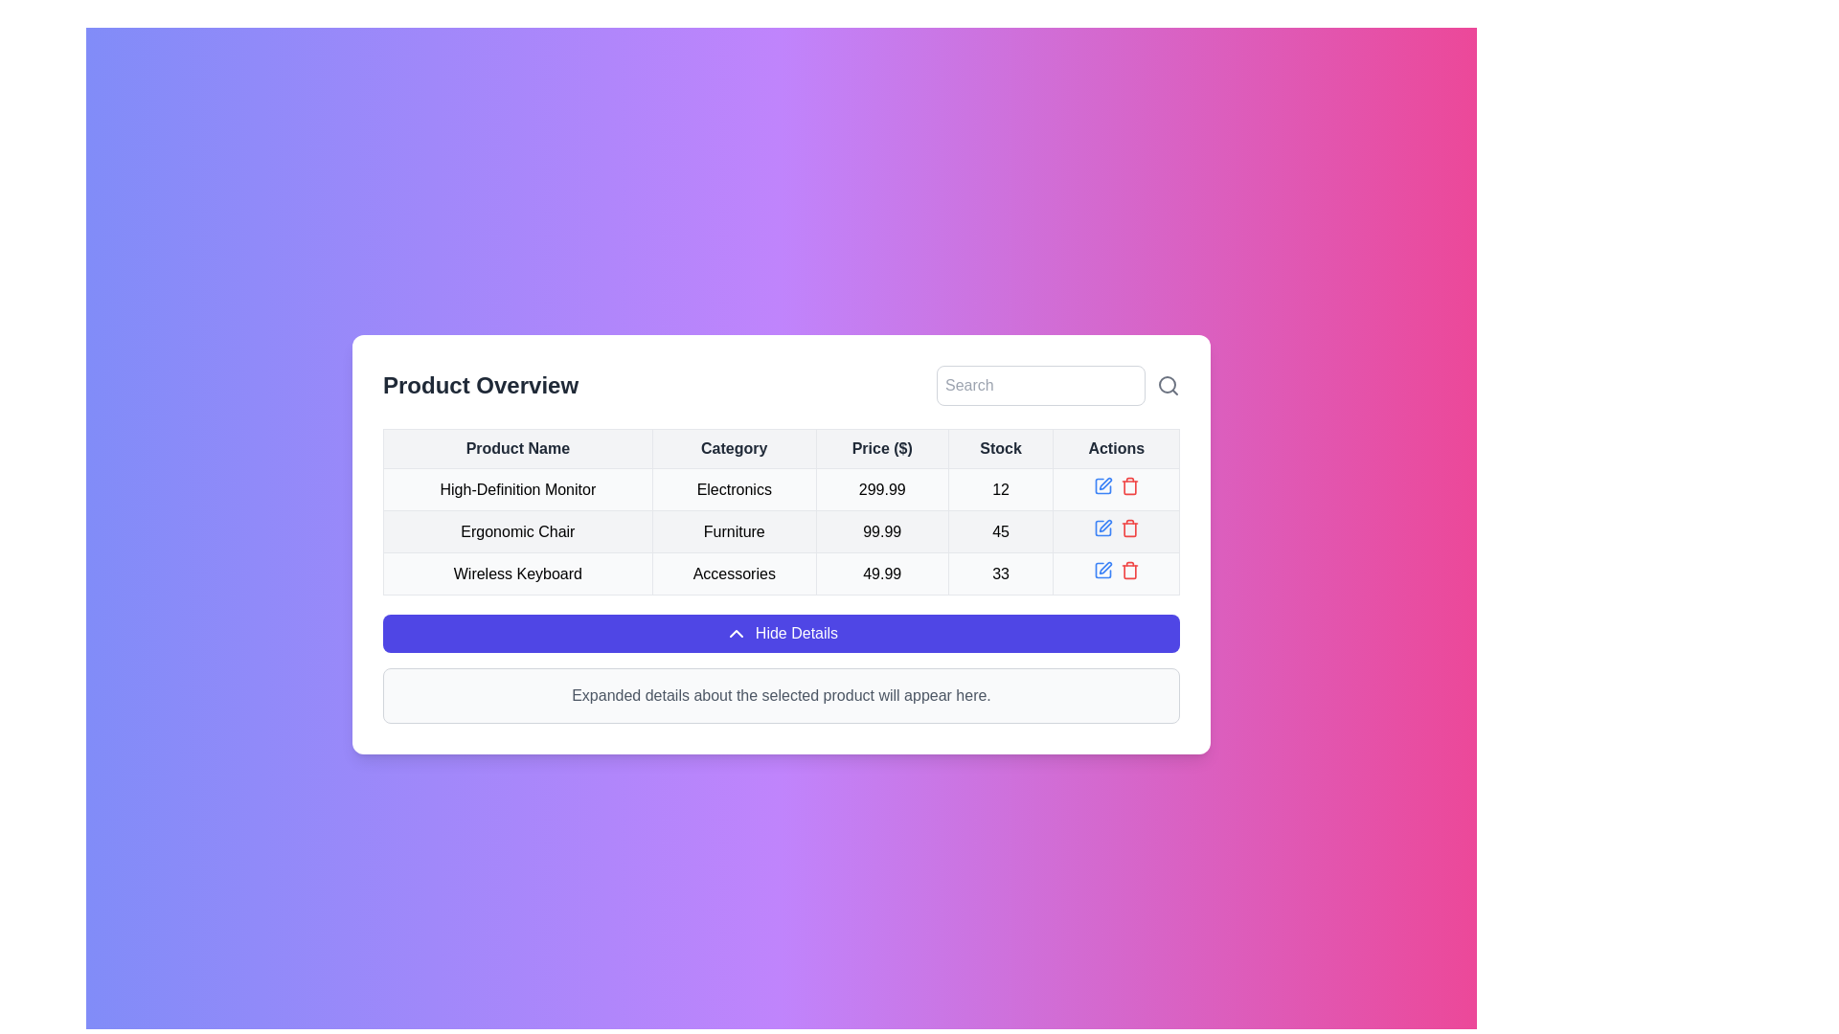 This screenshot has width=1839, height=1034. What do you see at coordinates (1000, 531) in the screenshot?
I see `the static text element displaying the stock quantity for the product 'Ergonomic Chair', located in the fourth column of the second row in the table` at bounding box center [1000, 531].